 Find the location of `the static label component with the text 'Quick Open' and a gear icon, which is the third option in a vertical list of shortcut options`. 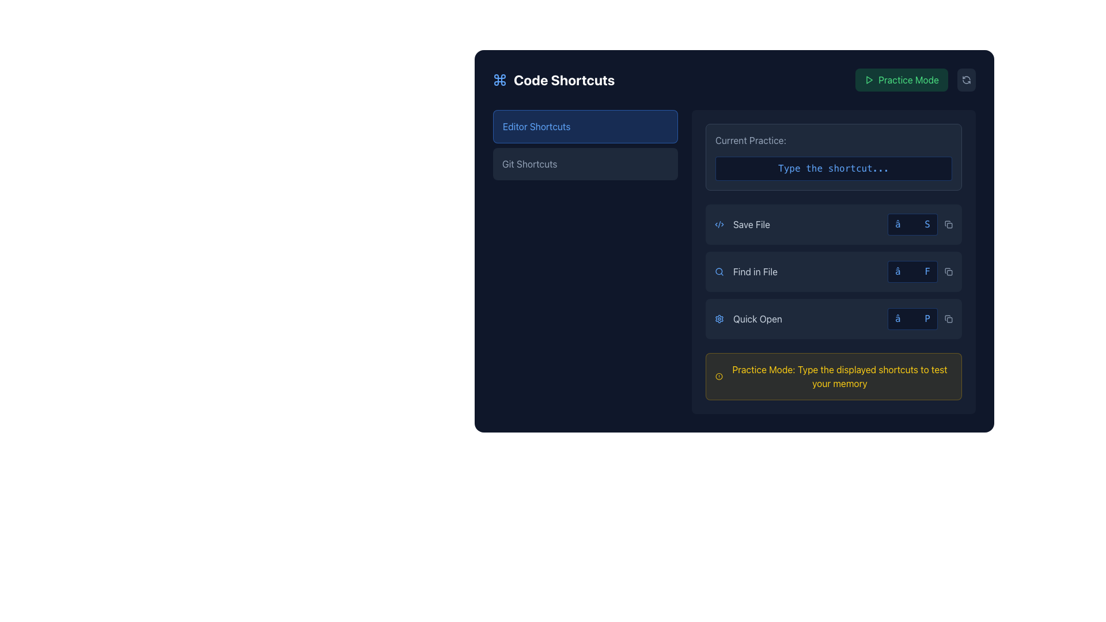

the static label component with the text 'Quick Open' and a gear icon, which is the third option in a vertical list of shortcut options is located at coordinates (748, 319).